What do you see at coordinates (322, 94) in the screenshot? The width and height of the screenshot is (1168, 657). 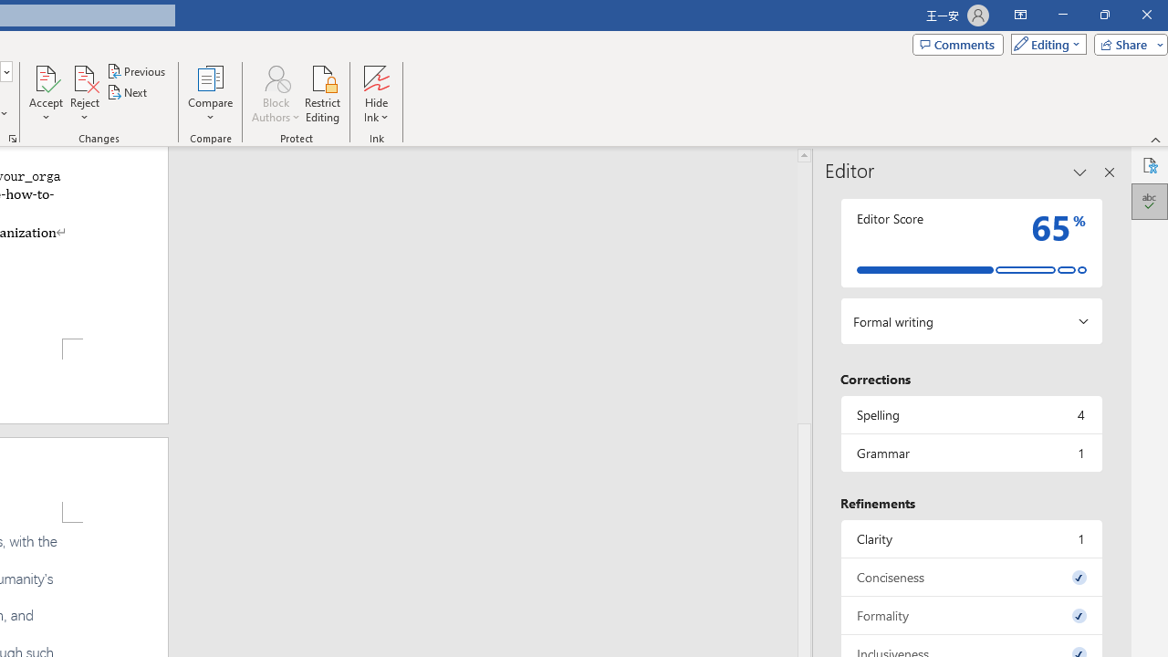 I see `'Restrict Editing'` at bounding box center [322, 94].